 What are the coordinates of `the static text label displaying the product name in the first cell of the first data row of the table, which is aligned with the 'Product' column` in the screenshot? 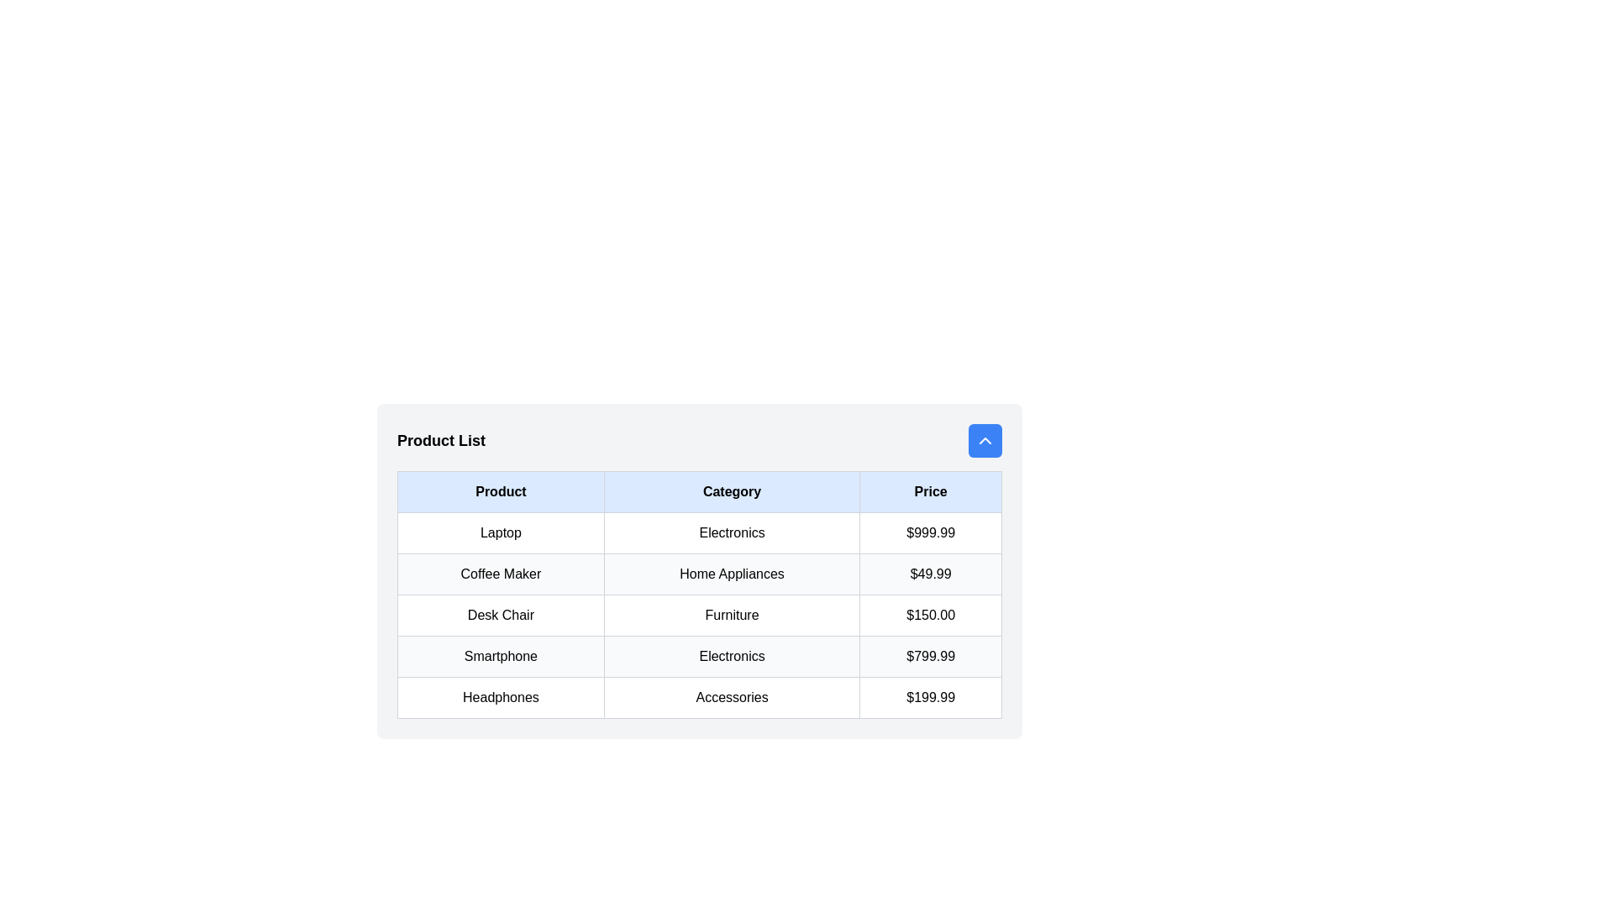 It's located at (500, 533).